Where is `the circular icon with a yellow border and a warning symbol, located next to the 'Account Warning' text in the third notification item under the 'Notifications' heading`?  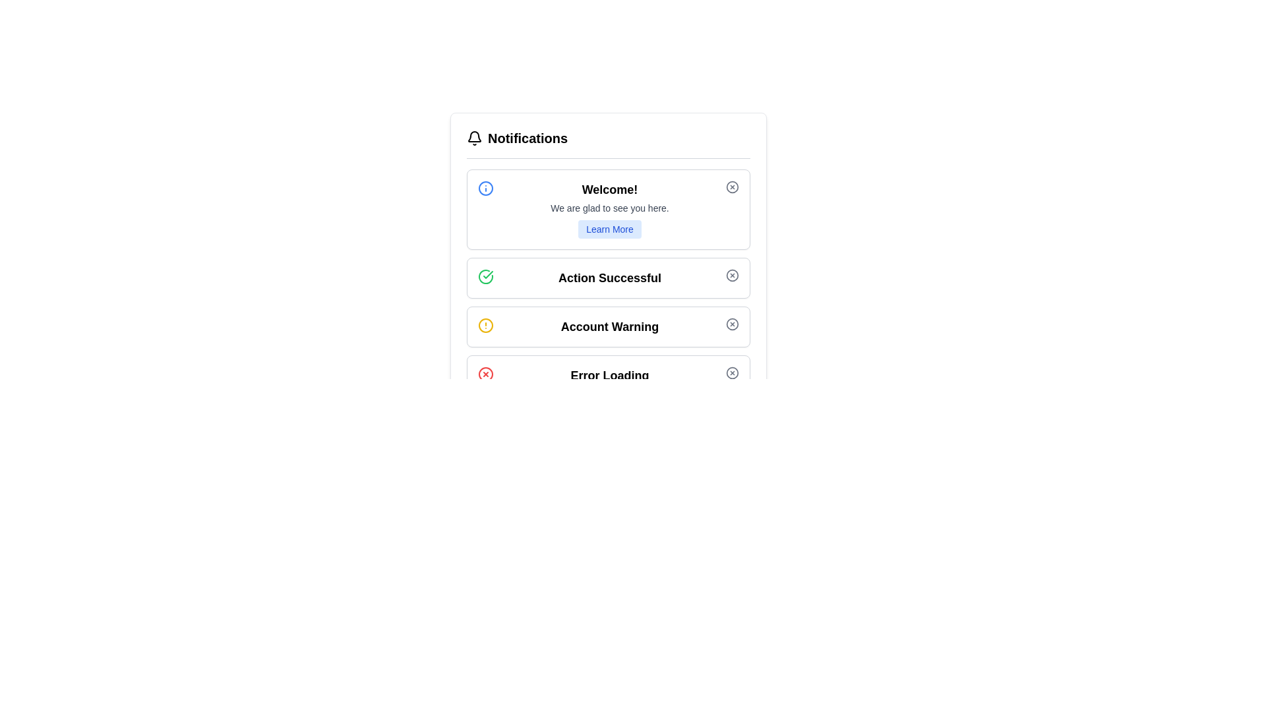
the circular icon with a yellow border and a warning symbol, located next to the 'Account Warning' text in the third notification item under the 'Notifications' heading is located at coordinates (485, 325).